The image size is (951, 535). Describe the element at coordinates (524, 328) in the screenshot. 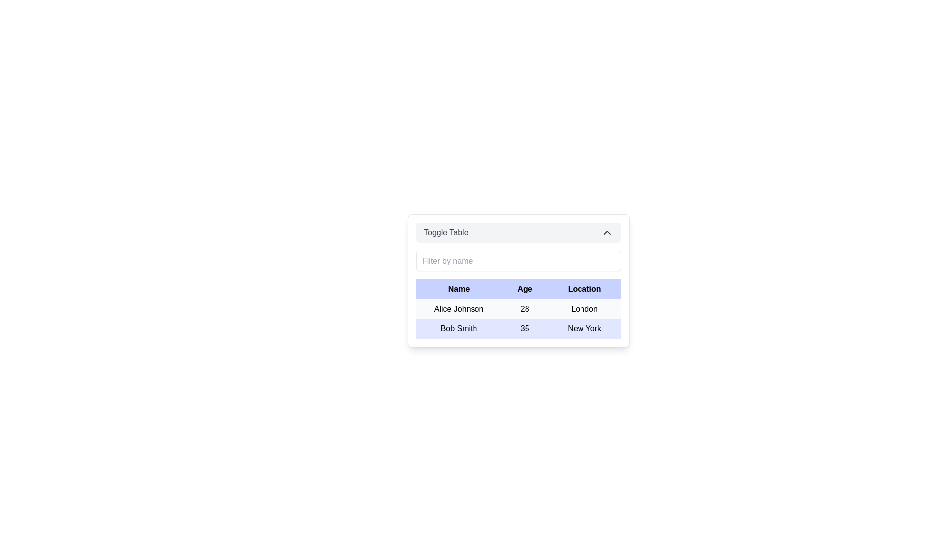

I see `the text displaying the age of the individual 'Bob Smith' in the second row of the table under the 'Age' column` at that location.